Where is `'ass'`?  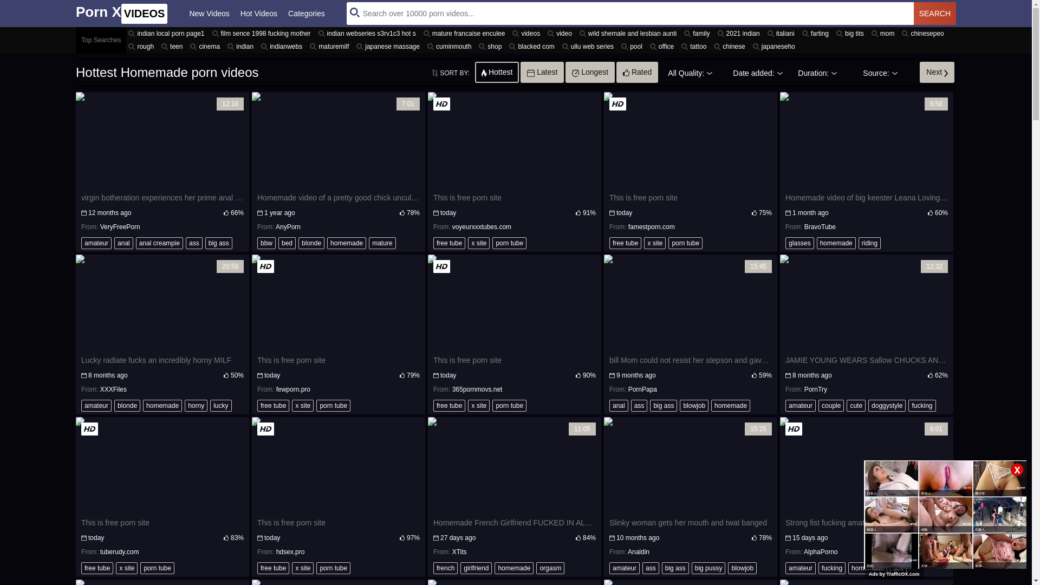
'ass' is located at coordinates (194, 242).